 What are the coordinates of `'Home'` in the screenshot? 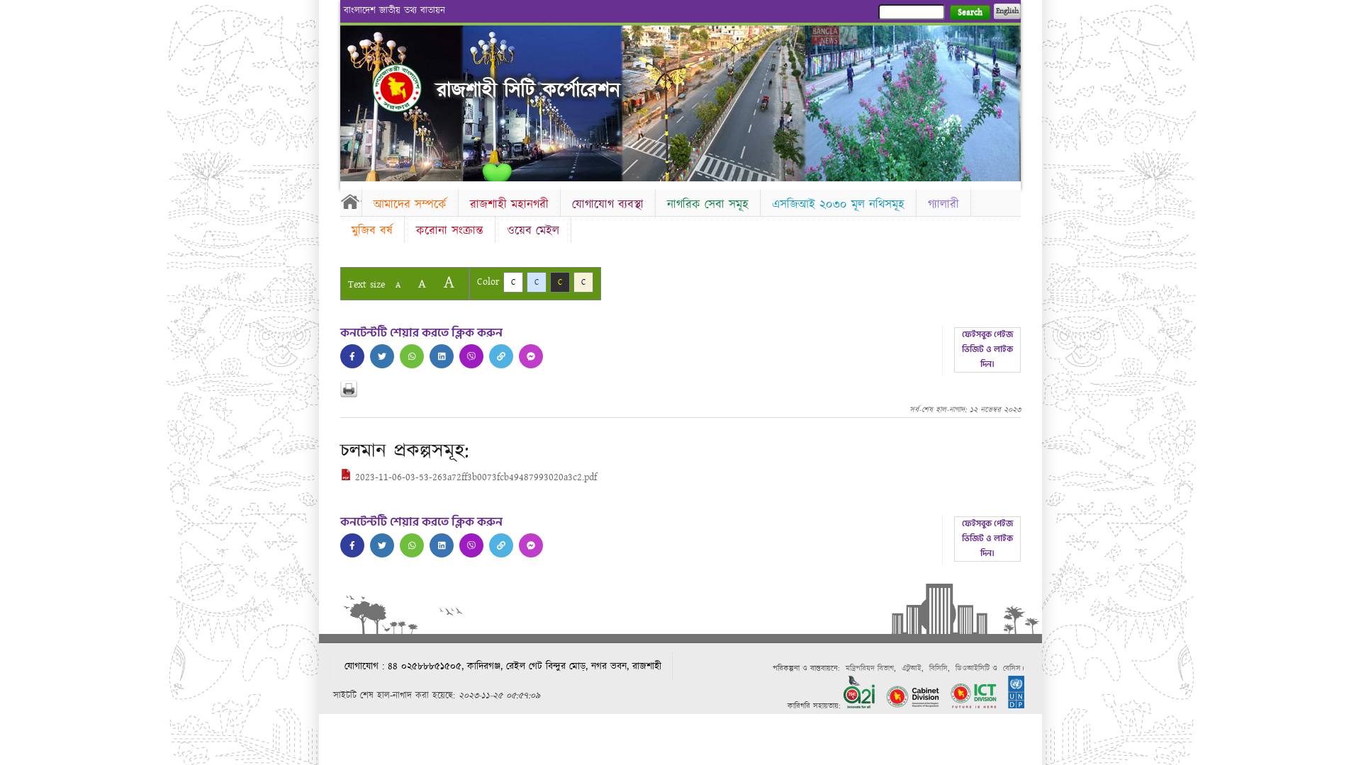 It's located at (371, 87).